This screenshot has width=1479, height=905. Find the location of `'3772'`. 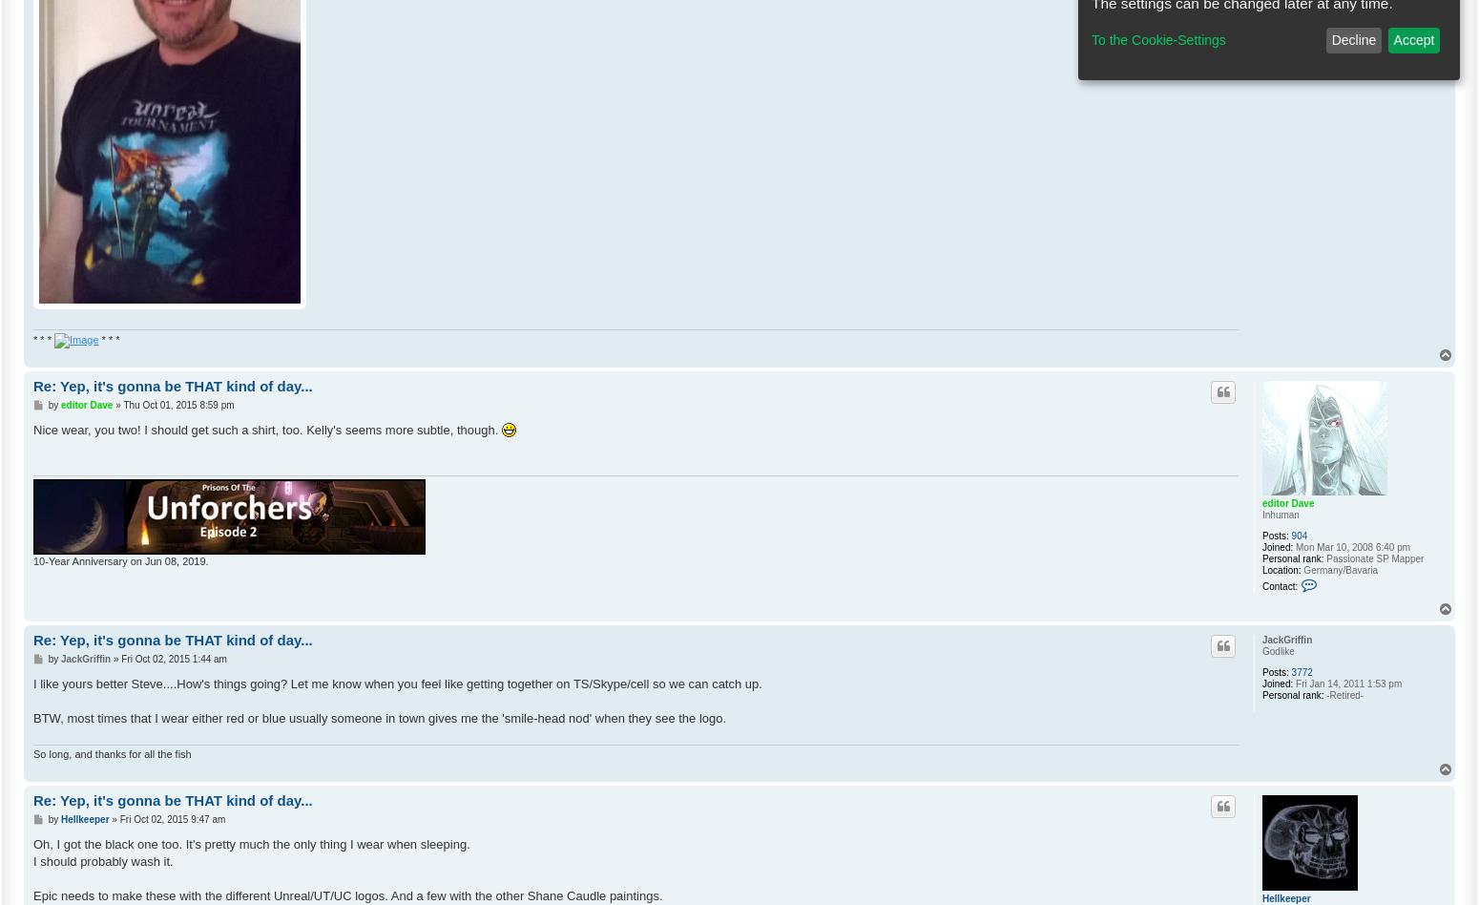

'3772' is located at coordinates (1302, 670).